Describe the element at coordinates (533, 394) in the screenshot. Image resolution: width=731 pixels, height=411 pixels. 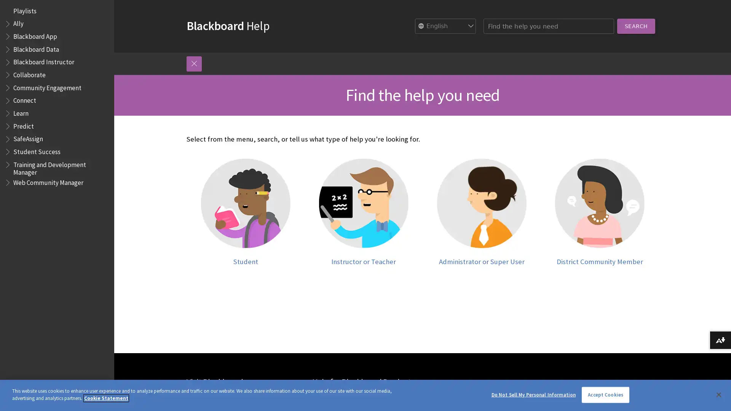
I see `Do Not Sell My Personal Information` at that location.